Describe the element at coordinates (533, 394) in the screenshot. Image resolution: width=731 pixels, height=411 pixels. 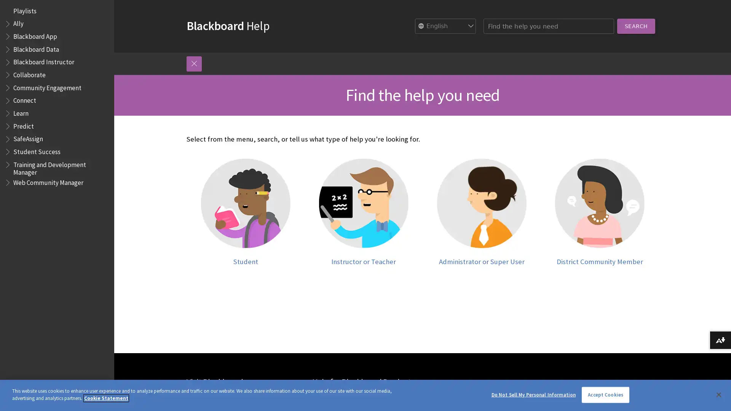
I see `Do Not Sell My Personal Information` at that location.